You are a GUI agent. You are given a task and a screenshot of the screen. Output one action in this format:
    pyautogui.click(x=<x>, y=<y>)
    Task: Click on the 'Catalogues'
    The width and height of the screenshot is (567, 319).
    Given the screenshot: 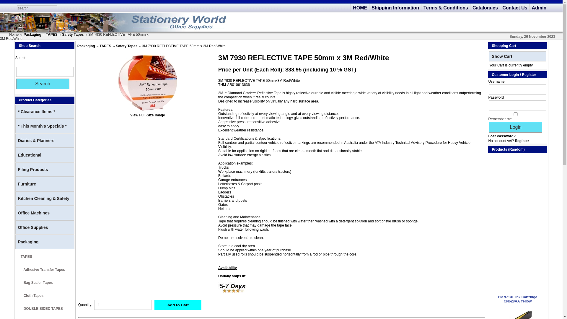 What is the action you would take?
    pyautogui.click(x=485, y=8)
    